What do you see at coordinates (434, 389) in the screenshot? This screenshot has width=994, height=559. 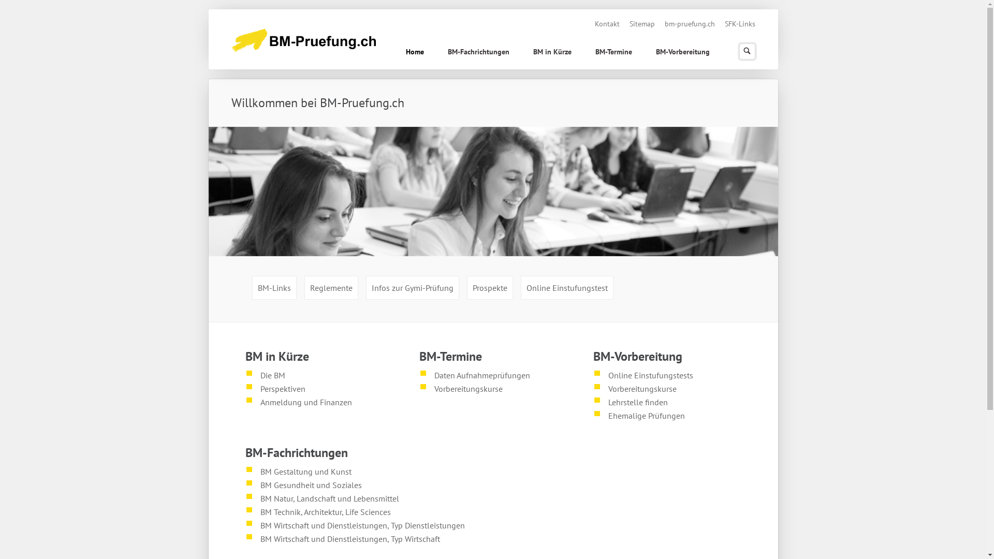 I see `'Vorbereitungskurse'` at bounding box center [434, 389].